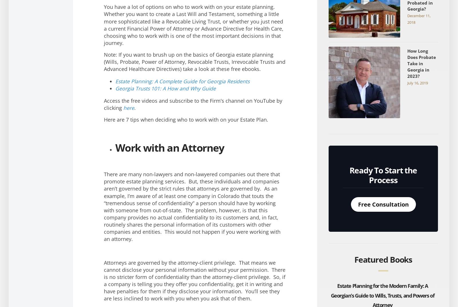 The width and height of the screenshot is (458, 307). I want to click on 'Georgia Trusts 101: A How and Why Guide', so click(165, 88).